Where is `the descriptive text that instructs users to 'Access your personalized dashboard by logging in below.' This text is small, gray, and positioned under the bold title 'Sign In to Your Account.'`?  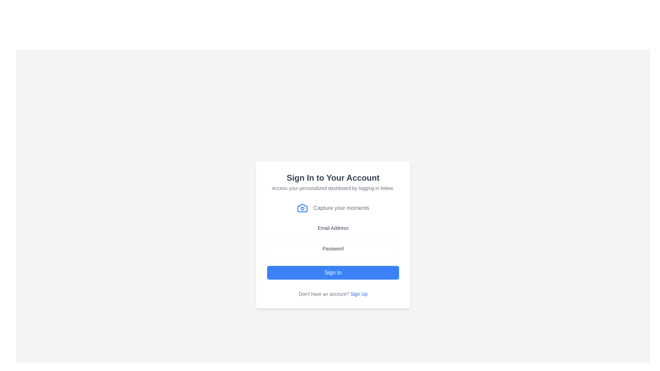 the descriptive text that instructs users to 'Access your personalized dashboard by logging in below.' This text is small, gray, and positioned under the bold title 'Sign In to Your Account.' is located at coordinates (333, 188).